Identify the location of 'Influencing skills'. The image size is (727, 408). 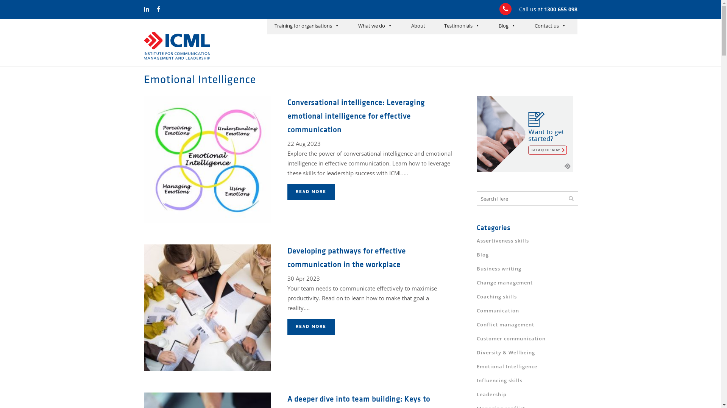
(476, 380).